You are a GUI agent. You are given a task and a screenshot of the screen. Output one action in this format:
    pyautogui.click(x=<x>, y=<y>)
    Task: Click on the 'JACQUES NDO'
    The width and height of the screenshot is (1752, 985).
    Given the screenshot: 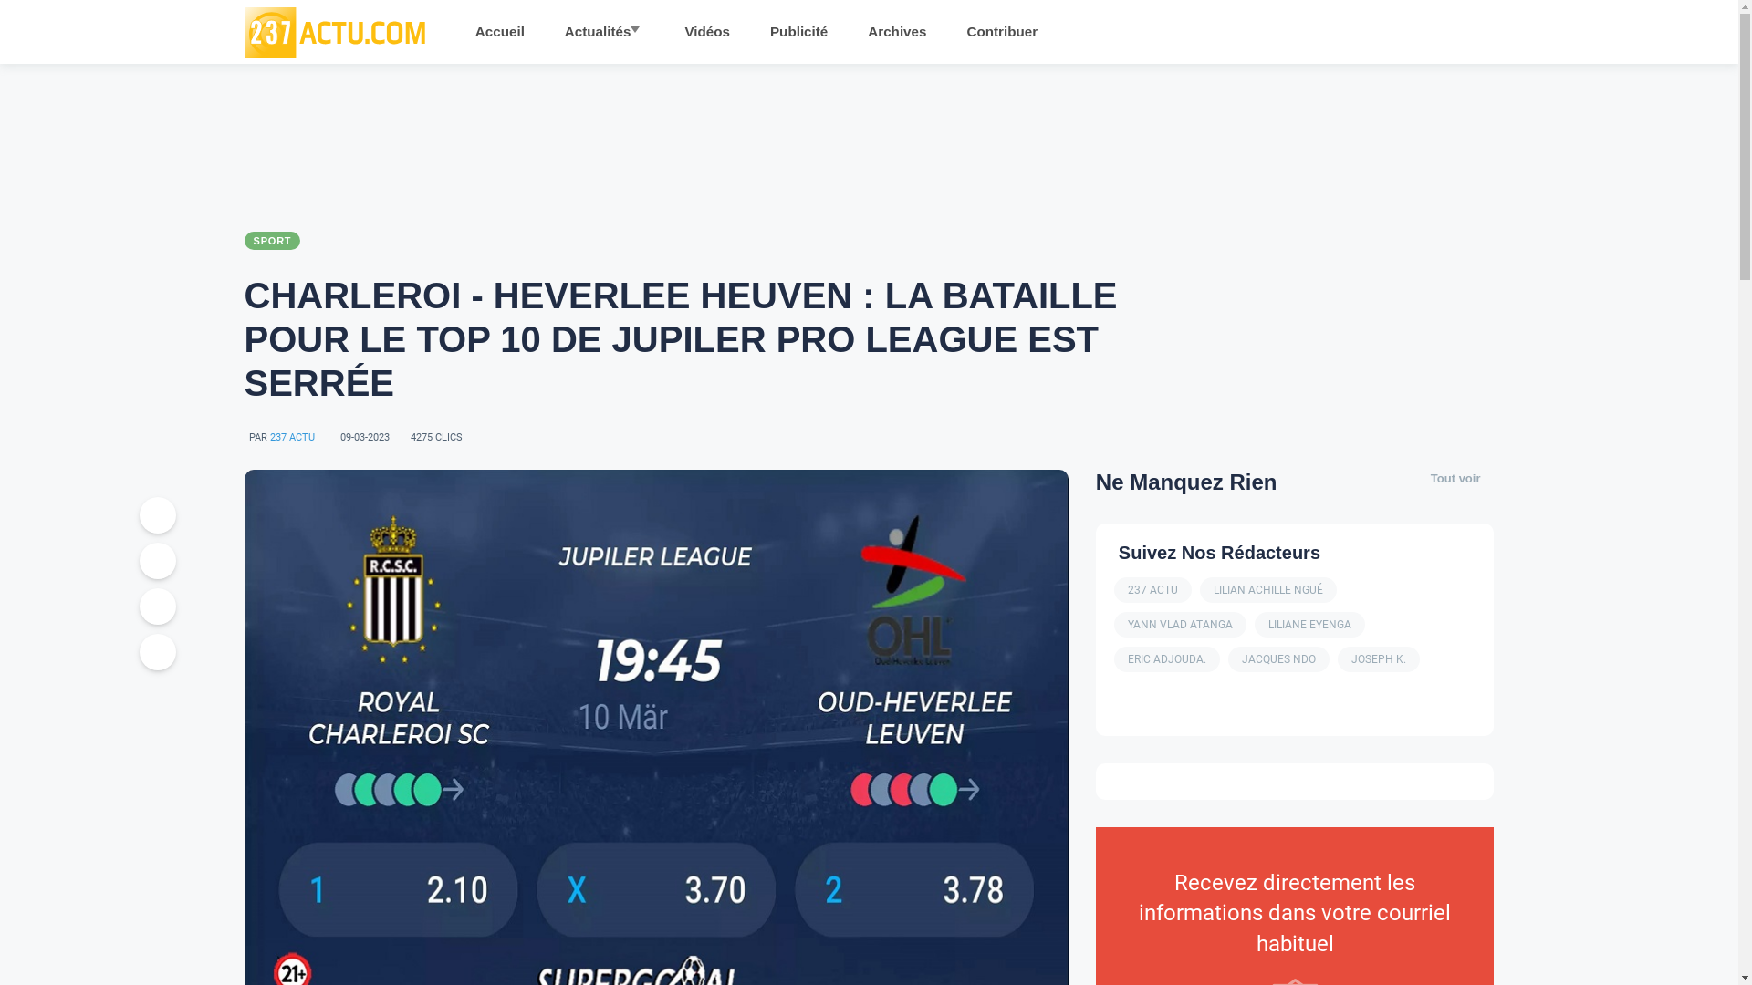 What is the action you would take?
    pyautogui.click(x=1277, y=658)
    